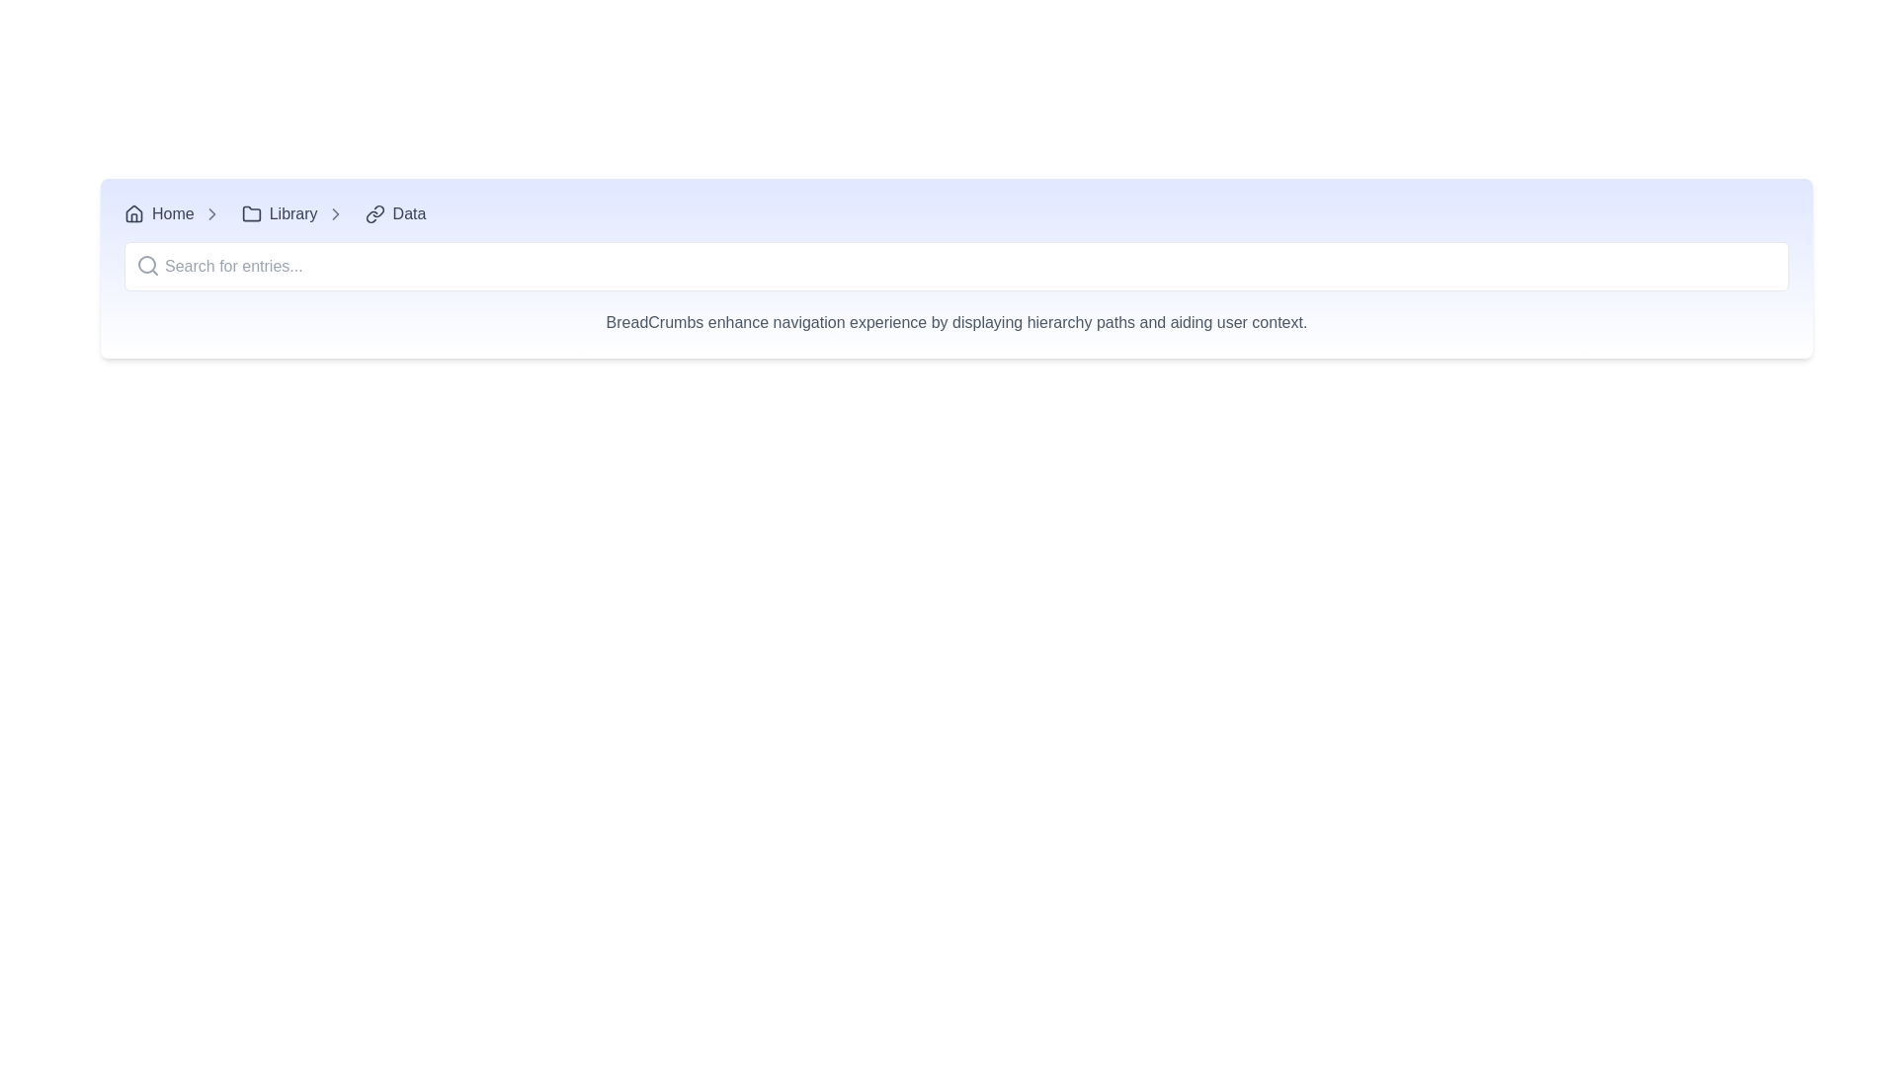 Image resolution: width=1897 pixels, height=1067 pixels. I want to click on the house icon representing the 'Home' button in the breadcrumb navigation bar to trigger a tooltip or visual effect, so click(132, 213).